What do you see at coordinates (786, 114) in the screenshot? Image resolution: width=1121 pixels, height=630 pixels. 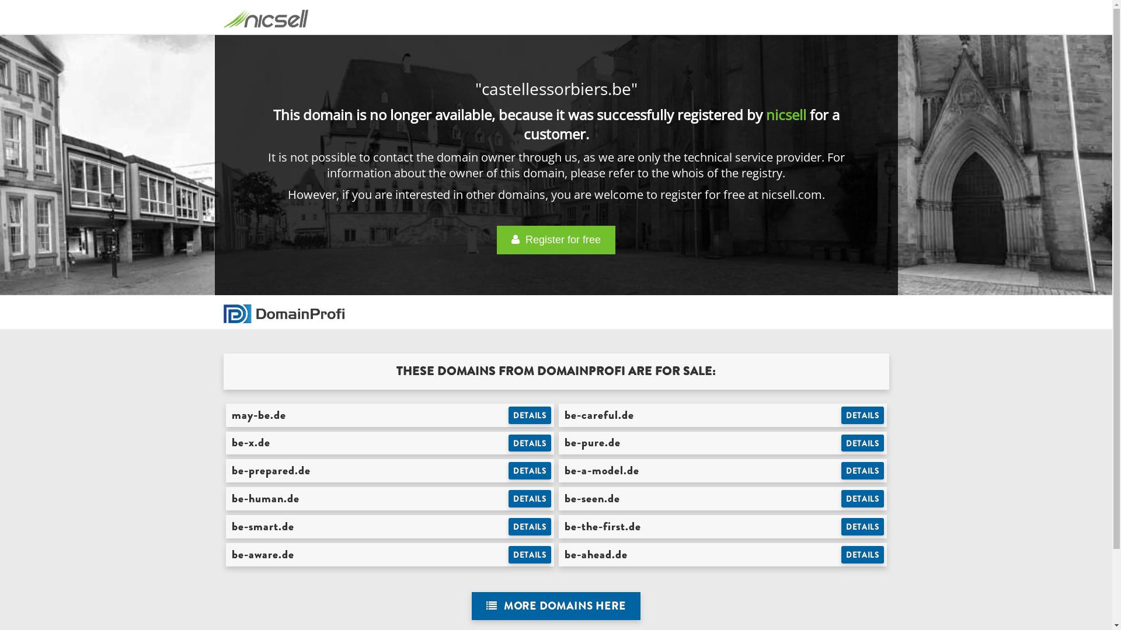 I see `'nicsell'` at bounding box center [786, 114].